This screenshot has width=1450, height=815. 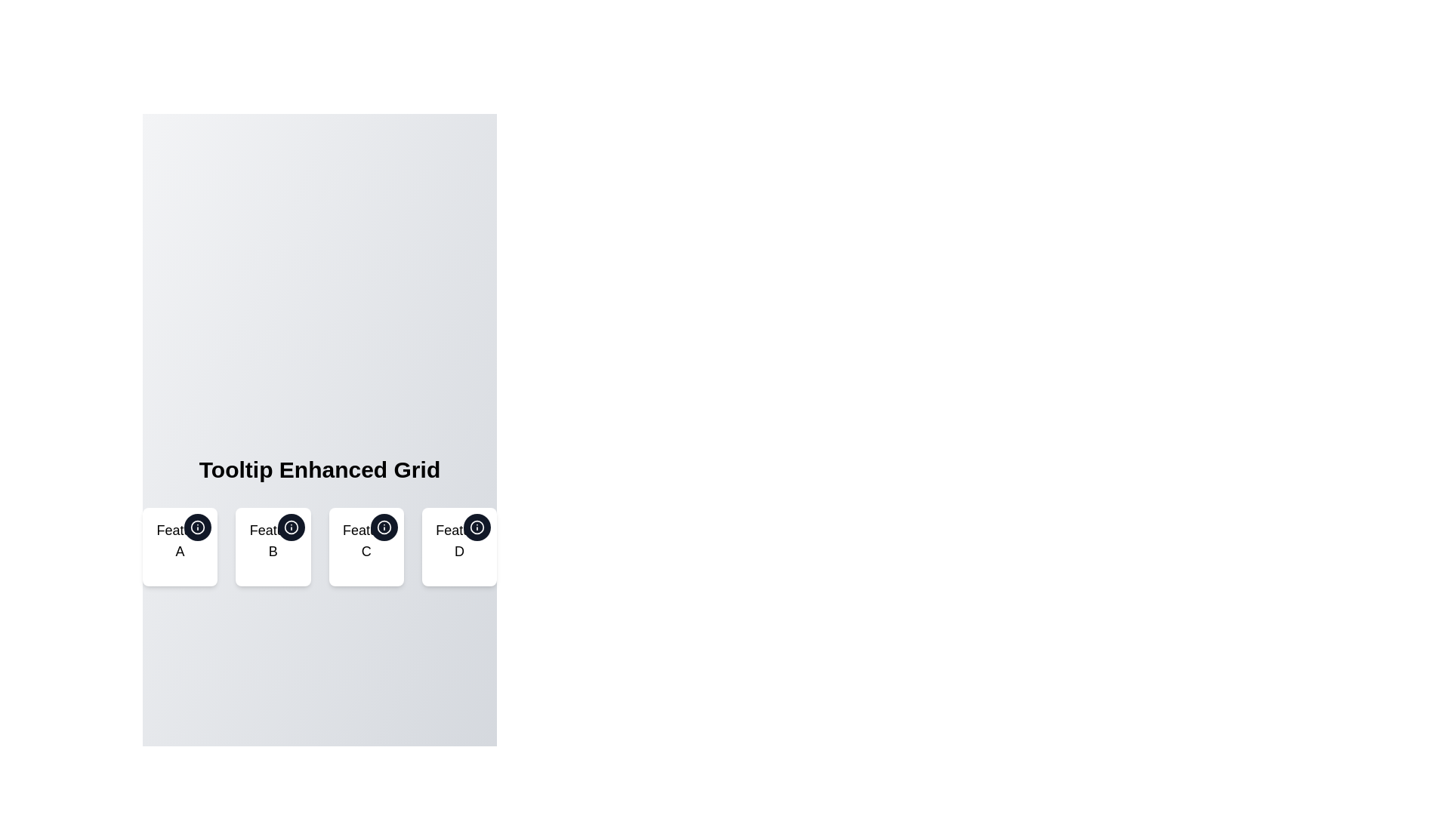 What do you see at coordinates (366, 540) in the screenshot?
I see `the text label that describes the feature within its card, which is the third item in a horizontally-aligned grid of four cards` at bounding box center [366, 540].